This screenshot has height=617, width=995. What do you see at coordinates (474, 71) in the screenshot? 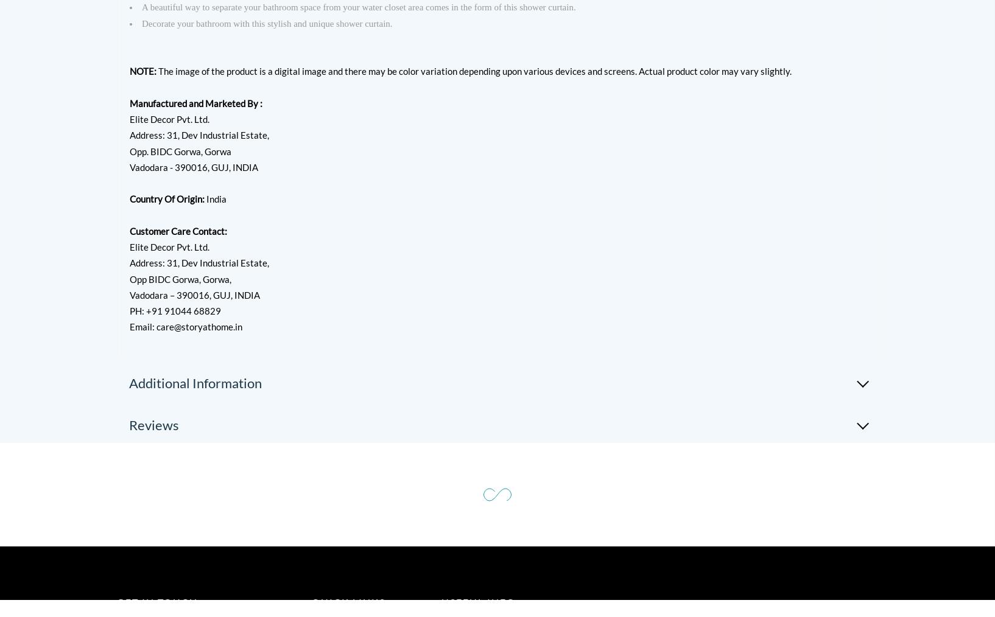
I see `'The image of the product is a digital image and there may be color variation depending upon various devices and screens. Actual product color may vary slightly.'` at bounding box center [474, 71].